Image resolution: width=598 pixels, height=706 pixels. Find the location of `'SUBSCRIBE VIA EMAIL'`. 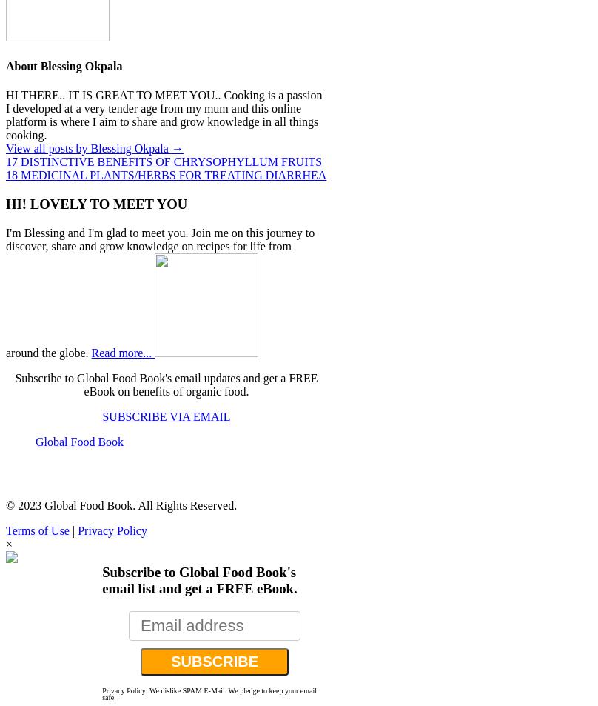

'SUBSCRIBE VIA EMAIL' is located at coordinates (166, 416).